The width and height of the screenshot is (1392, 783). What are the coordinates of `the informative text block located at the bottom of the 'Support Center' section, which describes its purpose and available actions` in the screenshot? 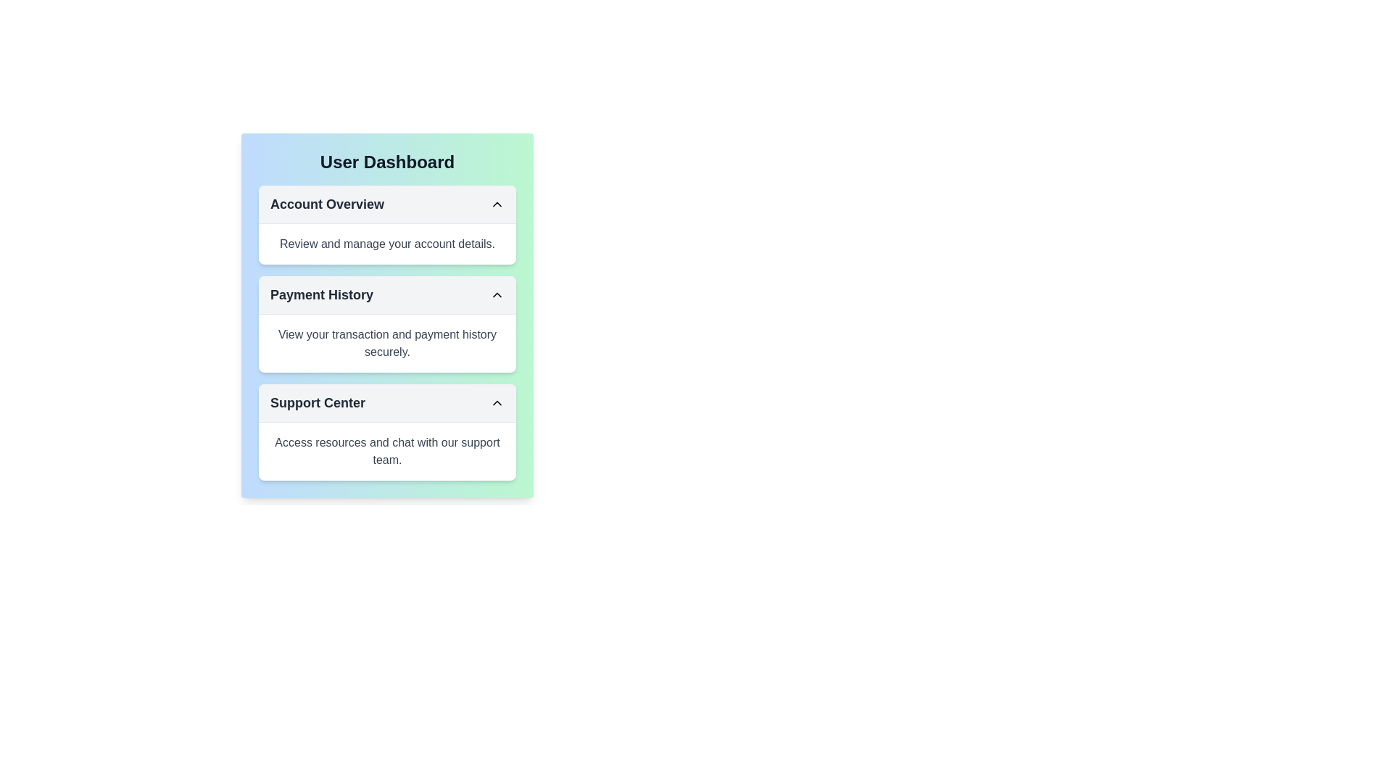 It's located at (387, 450).